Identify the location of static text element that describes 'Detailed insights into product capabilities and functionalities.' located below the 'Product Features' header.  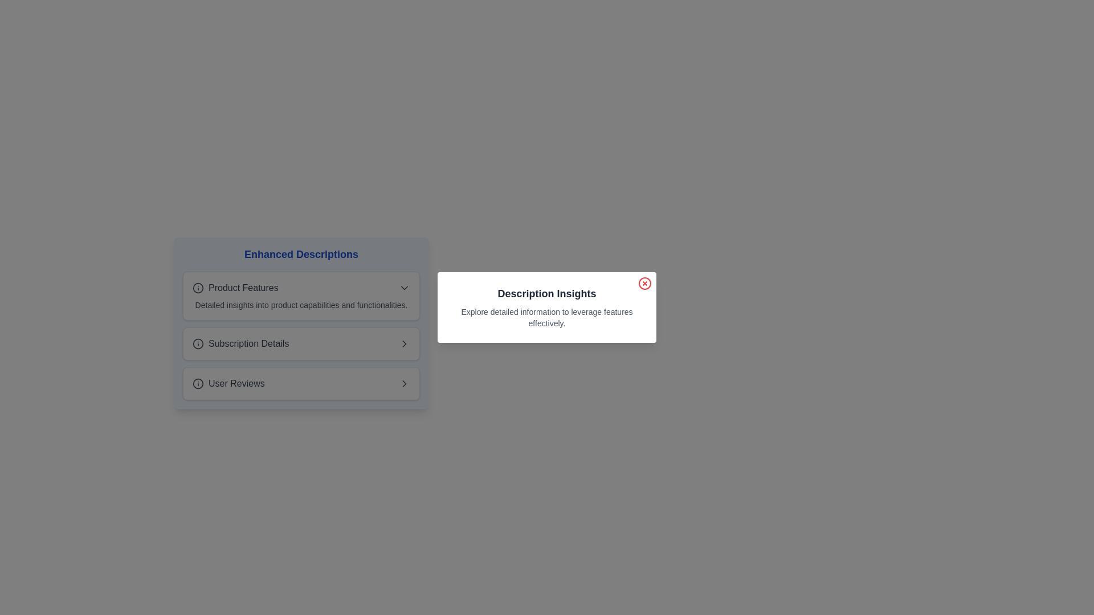
(301, 305).